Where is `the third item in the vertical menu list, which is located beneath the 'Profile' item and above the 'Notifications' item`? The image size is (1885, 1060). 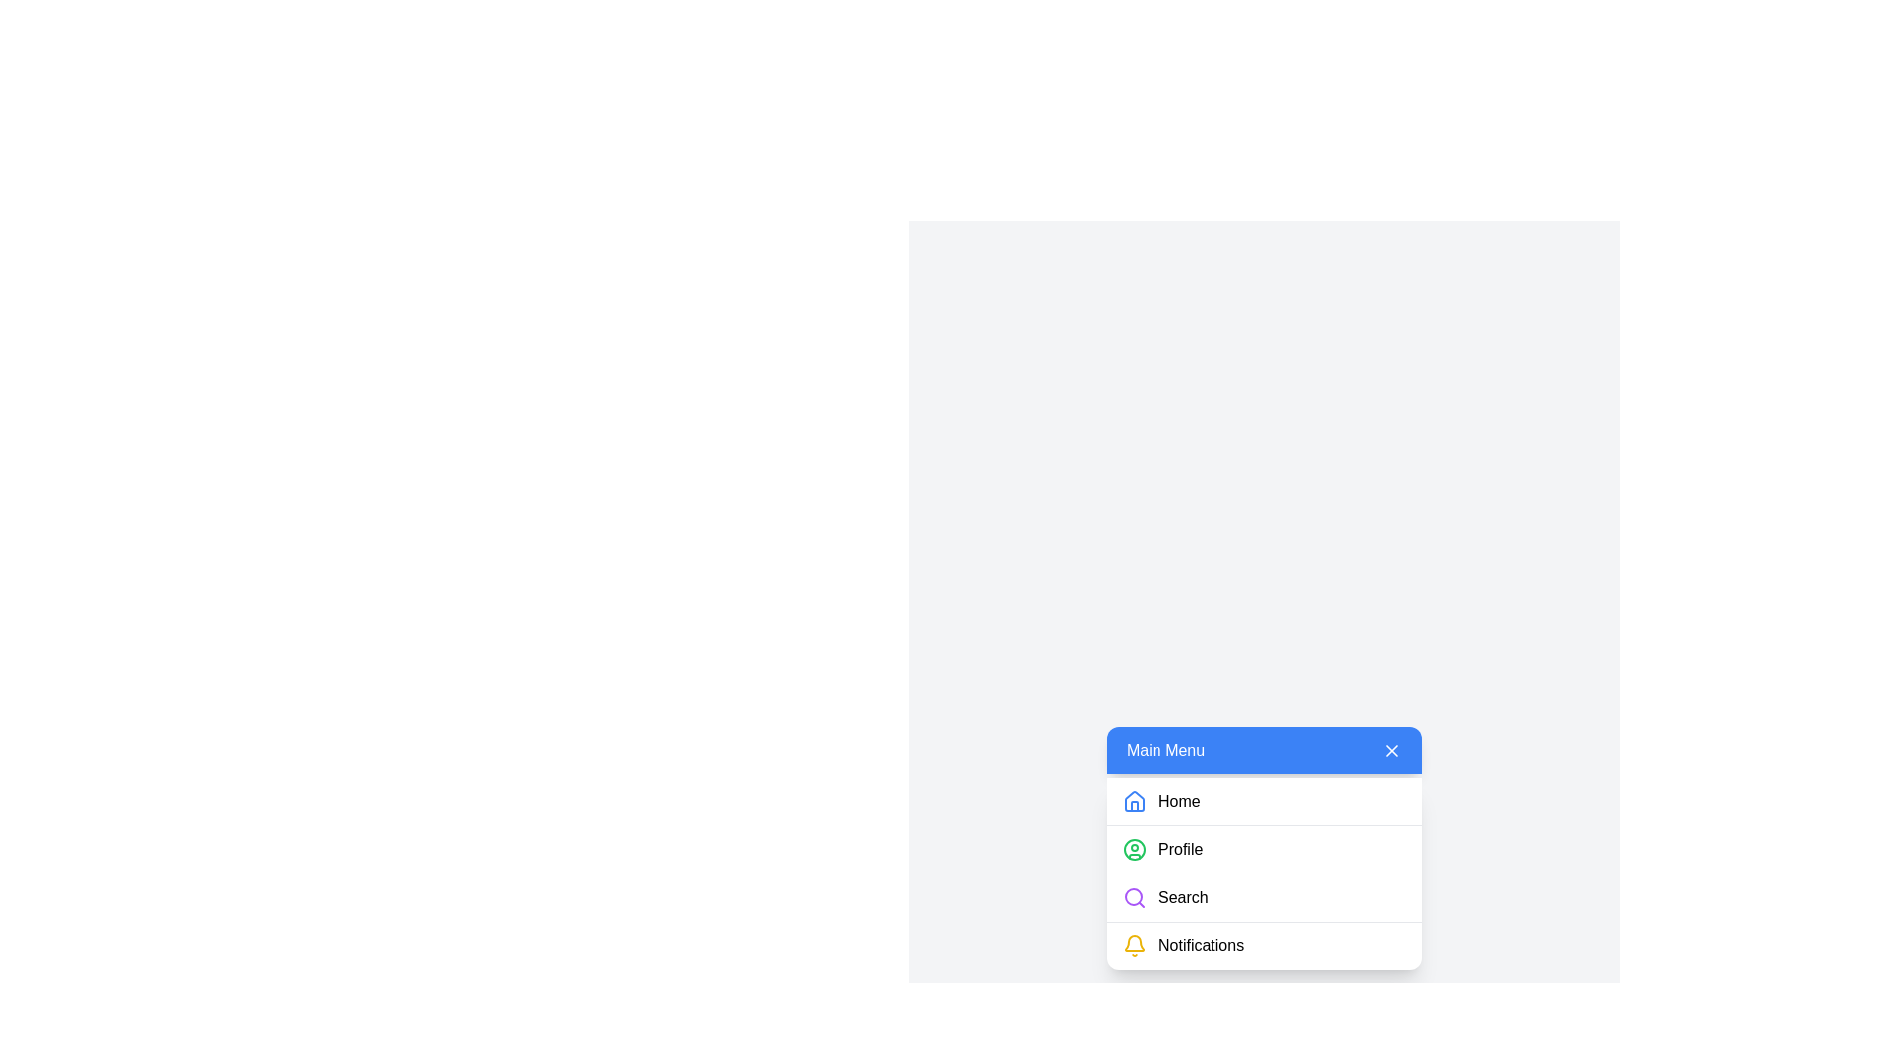 the third item in the vertical menu list, which is located beneath the 'Profile' item and above the 'Notifications' item is located at coordinates (1264, 897).